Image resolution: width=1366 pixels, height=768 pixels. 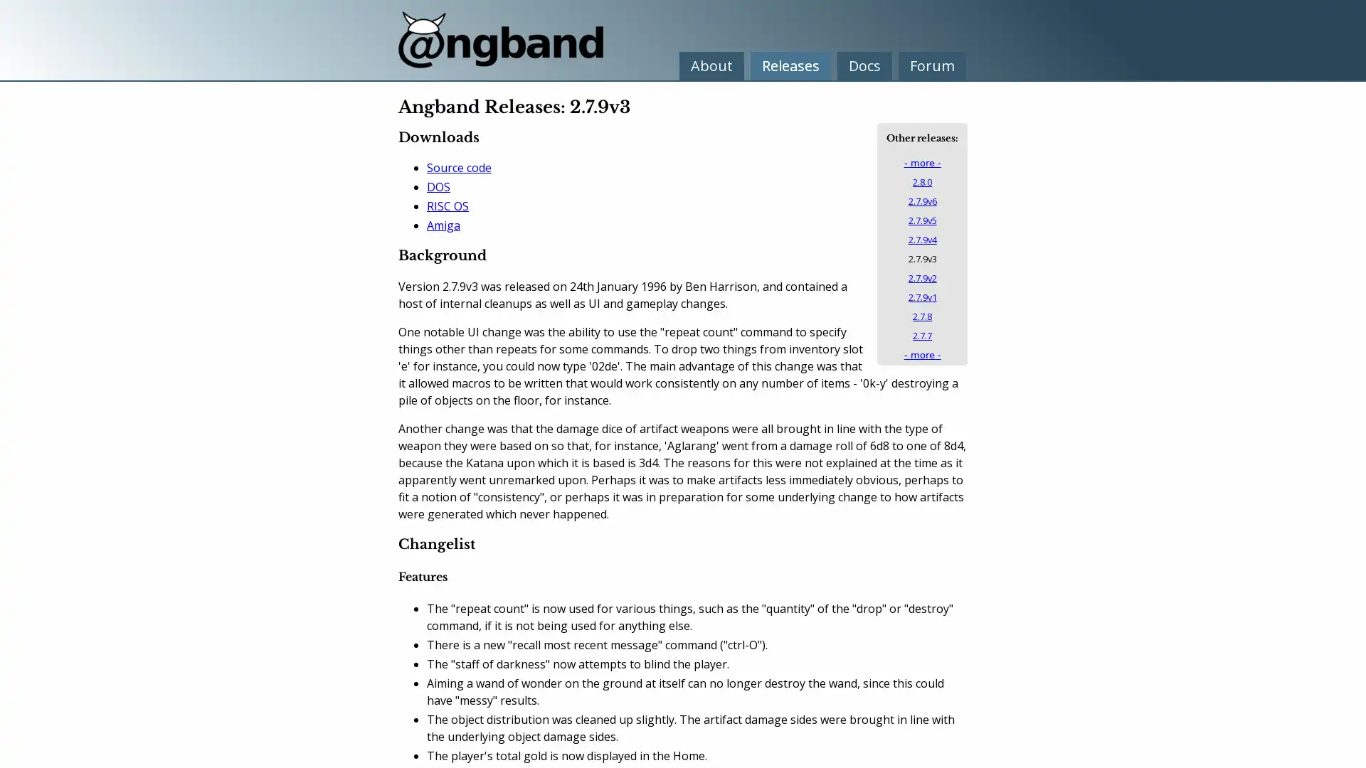 What do you see at coordinates (922, 354) in the screenshot?
I see `- more -` at bounding box center [922, 354].